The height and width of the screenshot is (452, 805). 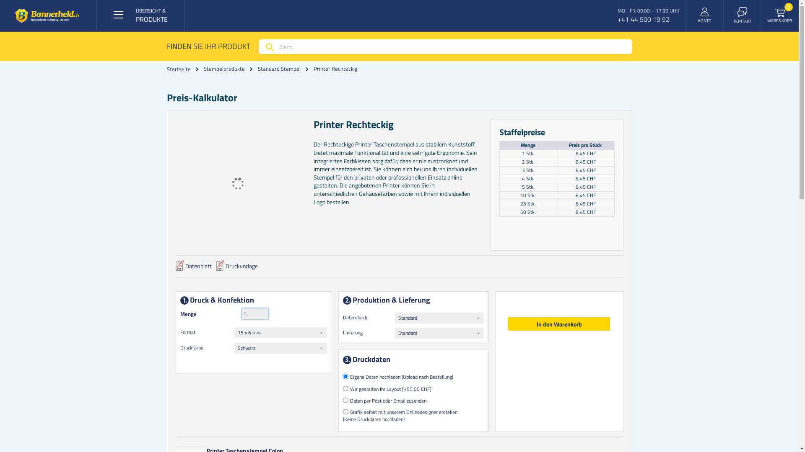 I want to click on 'Stempelprodukte', so click(x=224, y=68).